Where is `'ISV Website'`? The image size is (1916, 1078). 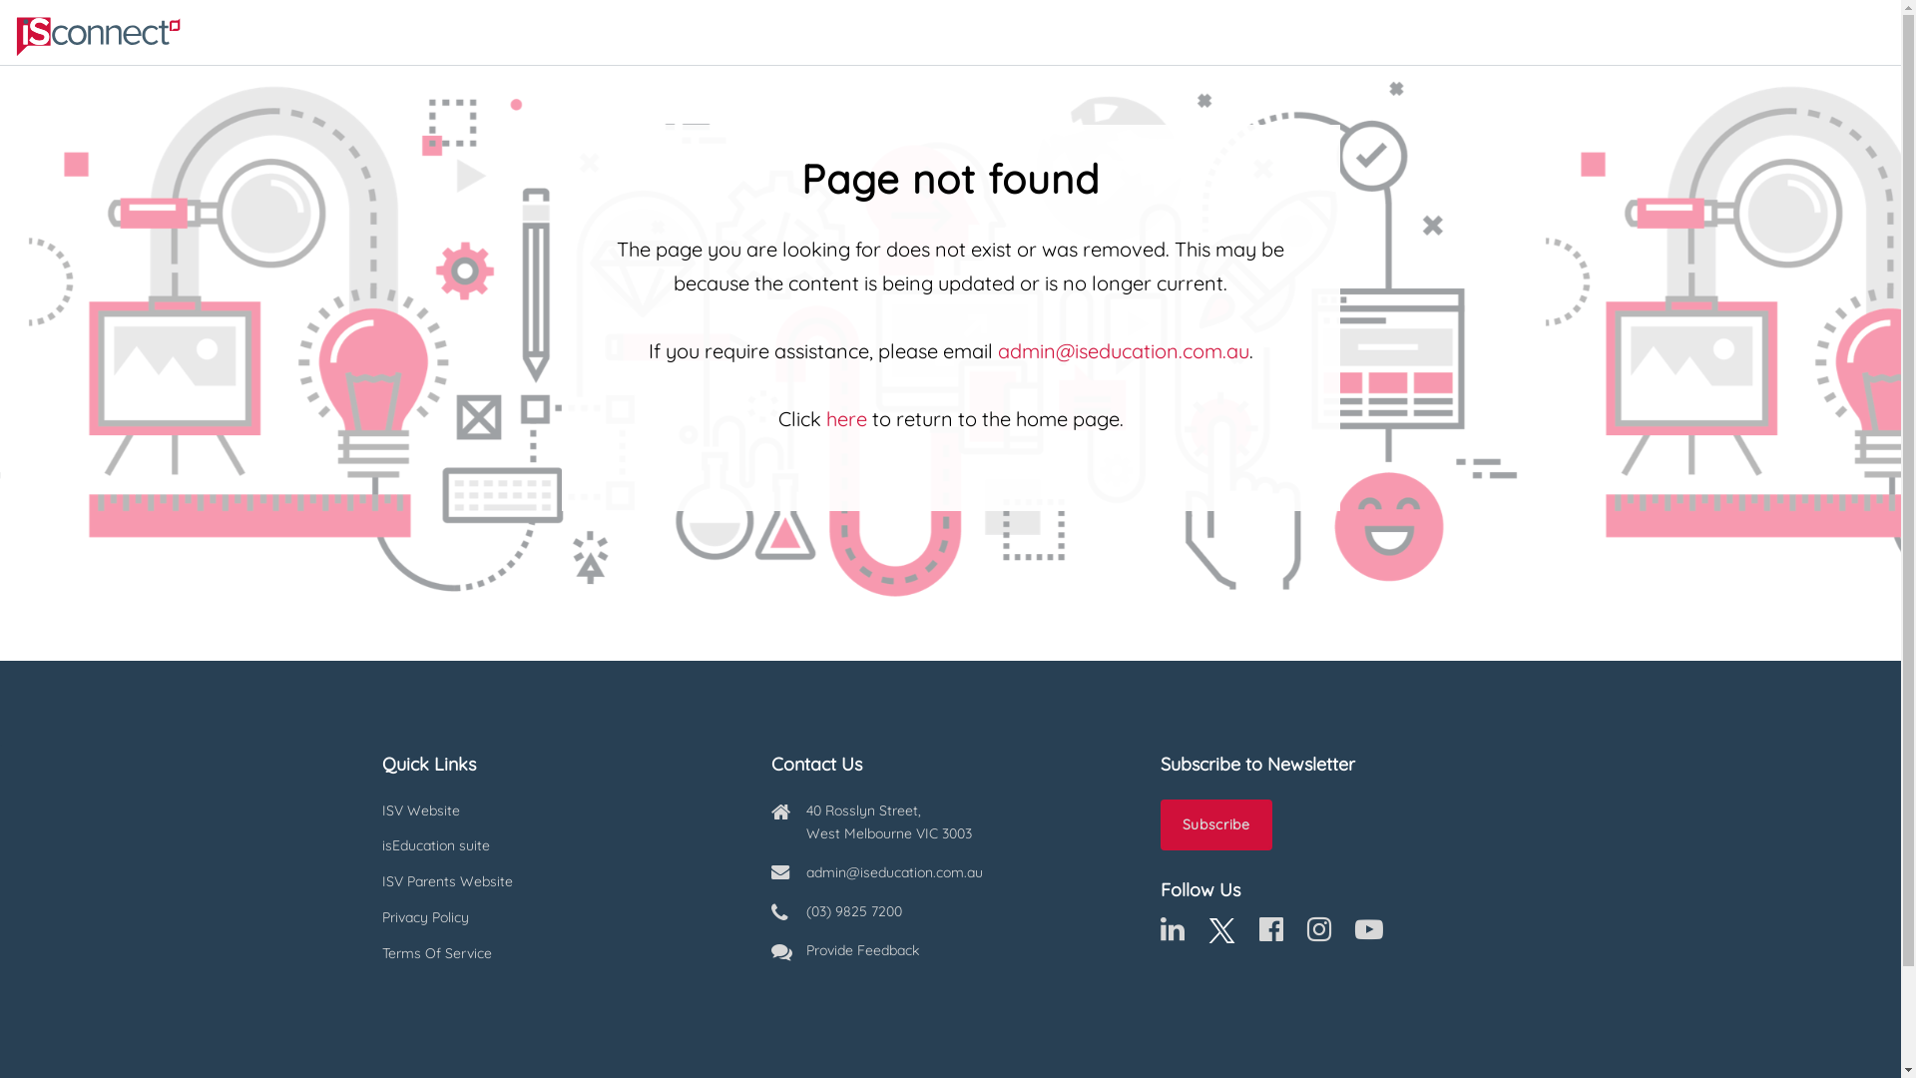 'ISV Website' is located at coordinates (559, 811).